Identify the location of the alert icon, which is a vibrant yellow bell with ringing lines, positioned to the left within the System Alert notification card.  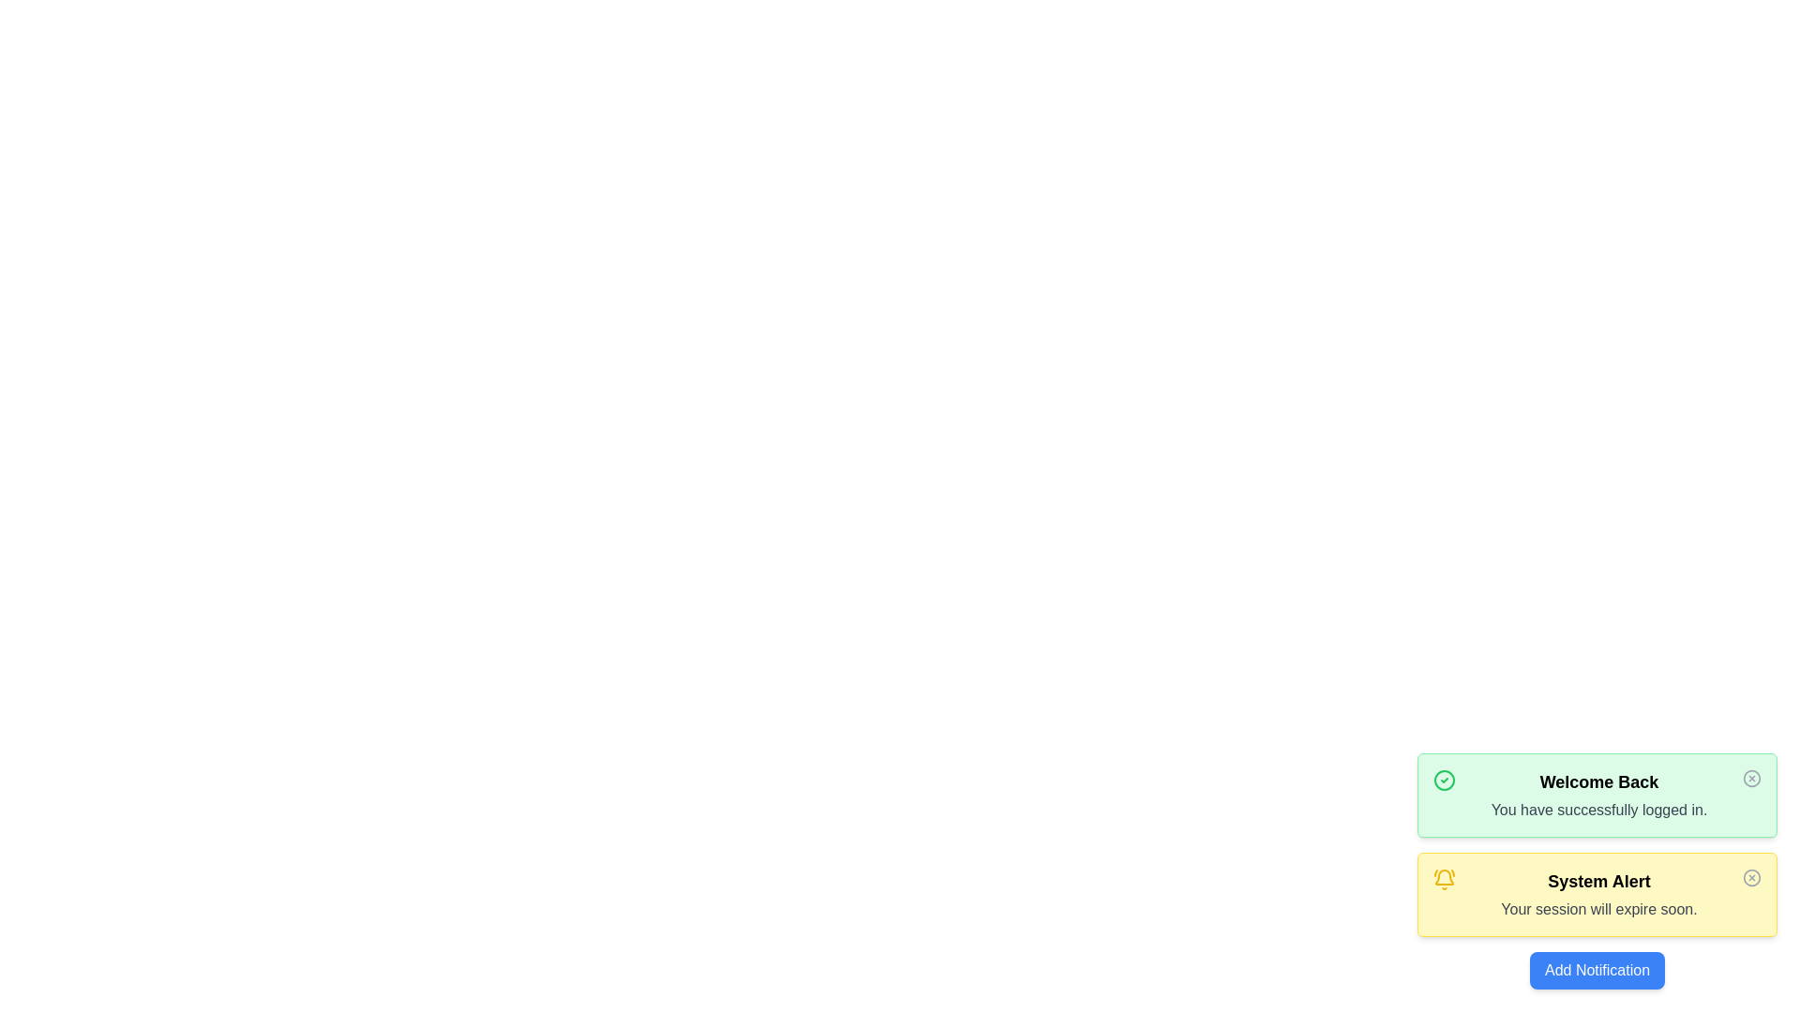
(1443, 879).